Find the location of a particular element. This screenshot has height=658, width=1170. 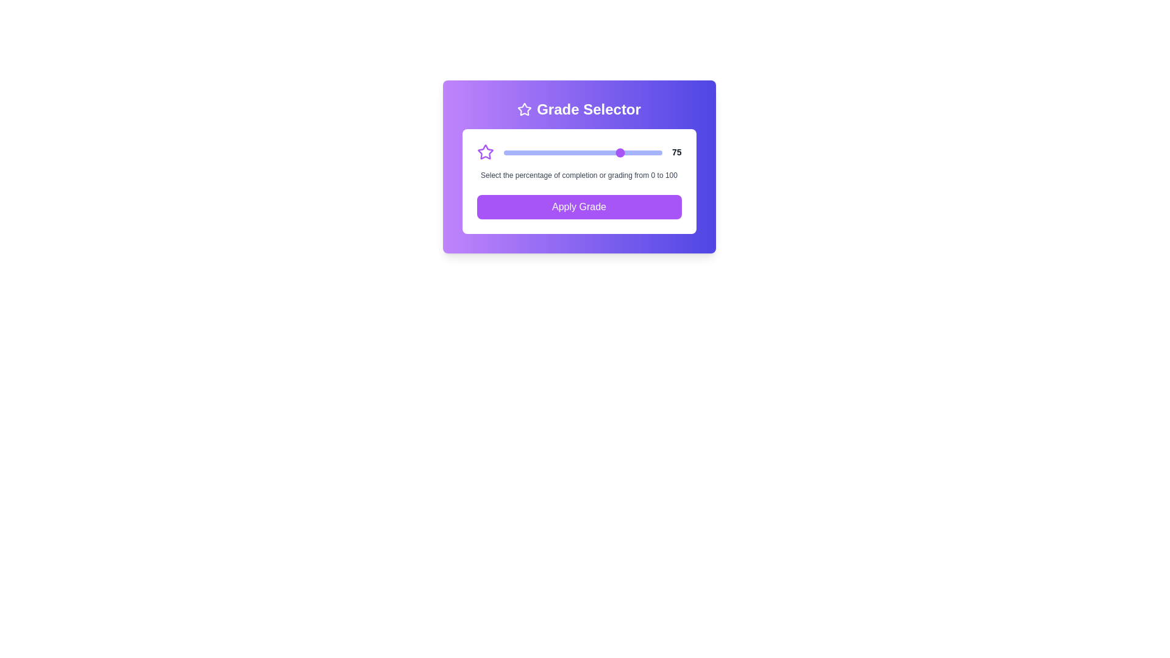

the grade percentage is located at coordinates (560, 152).